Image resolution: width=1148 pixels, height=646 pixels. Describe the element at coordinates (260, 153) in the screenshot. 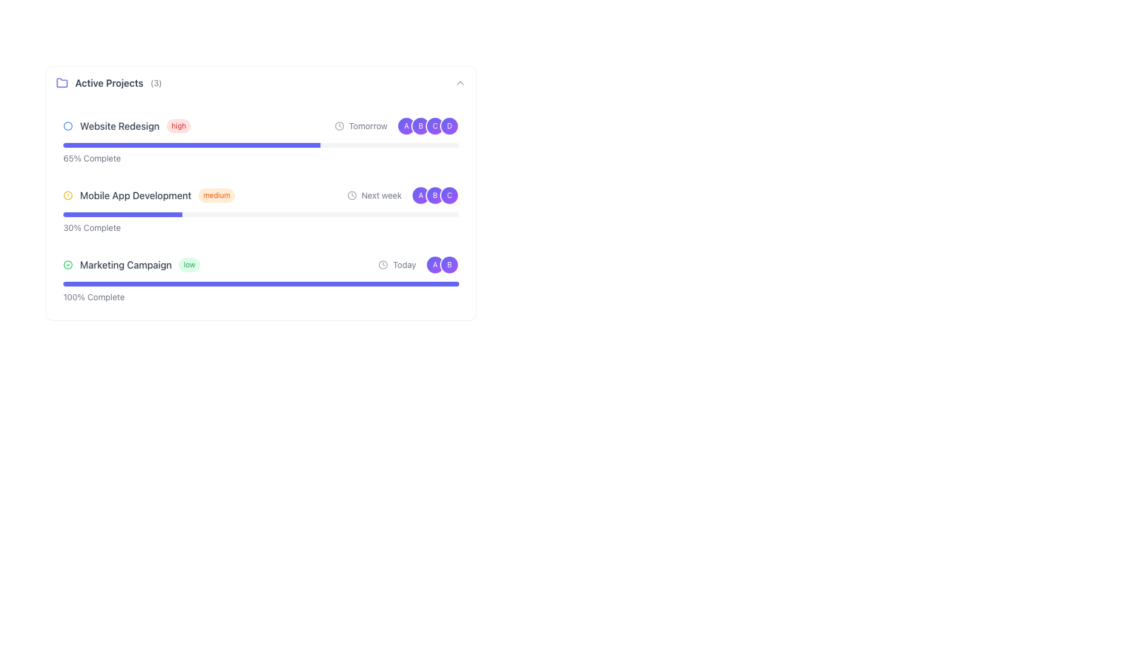

I see `accompanying text of the progress bar indicating the completion percentage, which reads '65% Complete' in the 'Active Projects' section under the project labeled 'Website Redesign'` at that location.